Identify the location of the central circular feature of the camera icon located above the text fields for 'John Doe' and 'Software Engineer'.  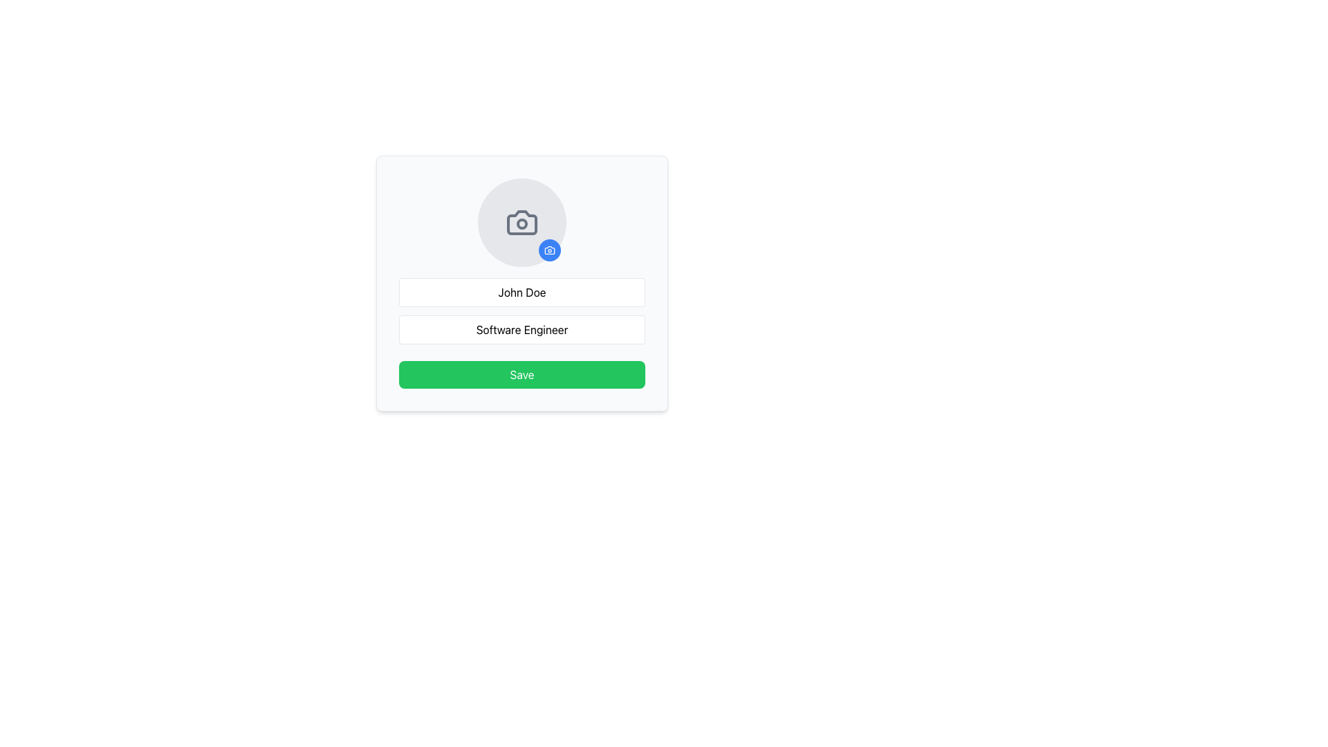
(521, 223).